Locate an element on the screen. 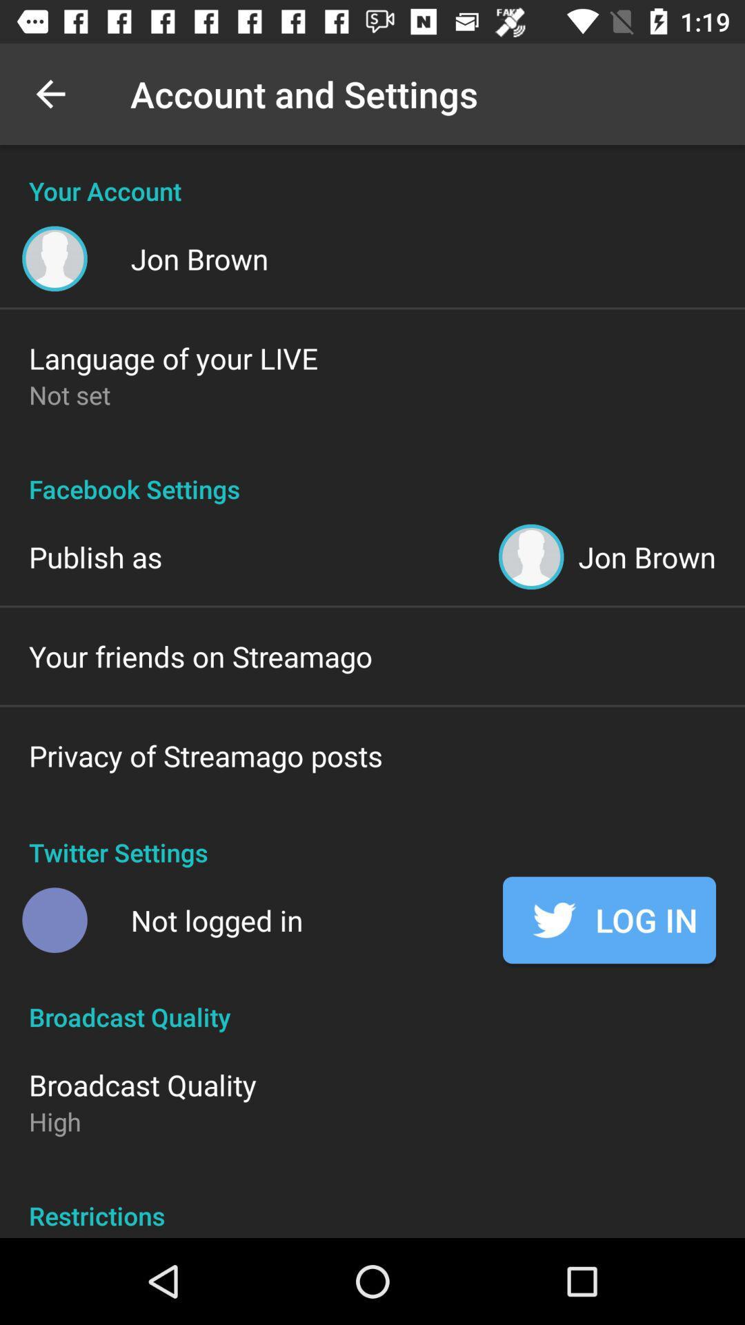 The height and width of the screenshot is (1325, 745). publish as is located at coordinates (95, 556).